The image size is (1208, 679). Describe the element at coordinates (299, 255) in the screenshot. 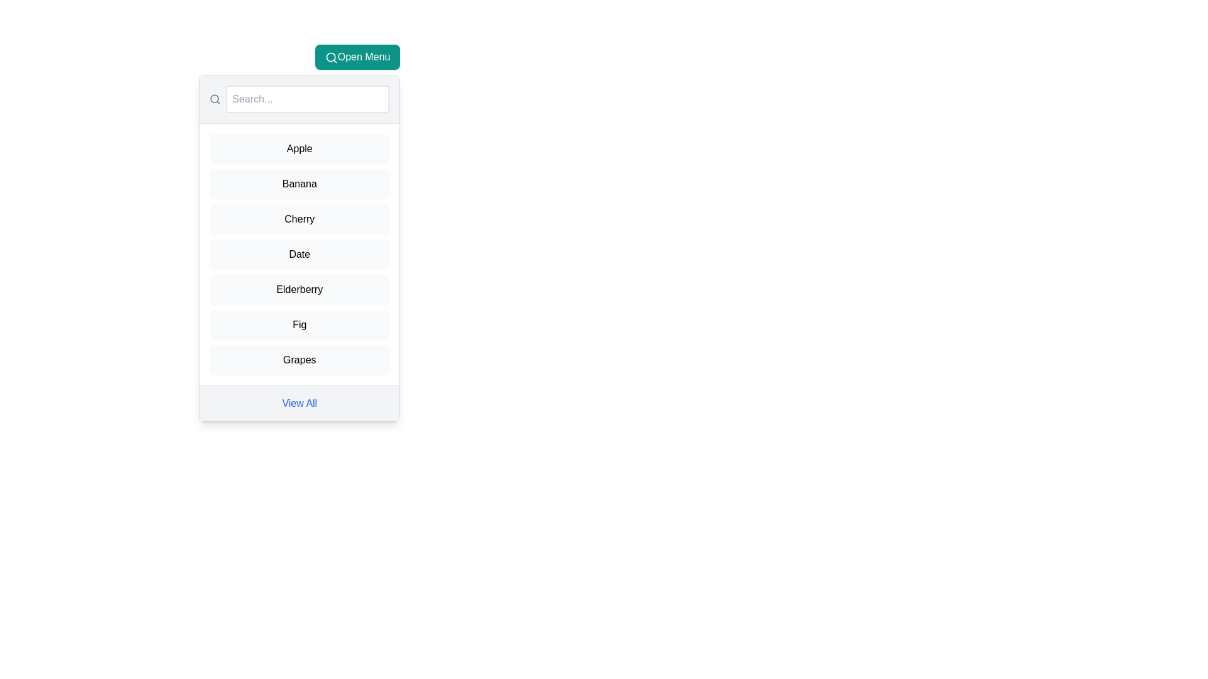

I see `the 'Date' button, which is a rectangular button with a rounded border, located within a scrollable vertical list and positioned as the fourth button in the sequence` at that location.